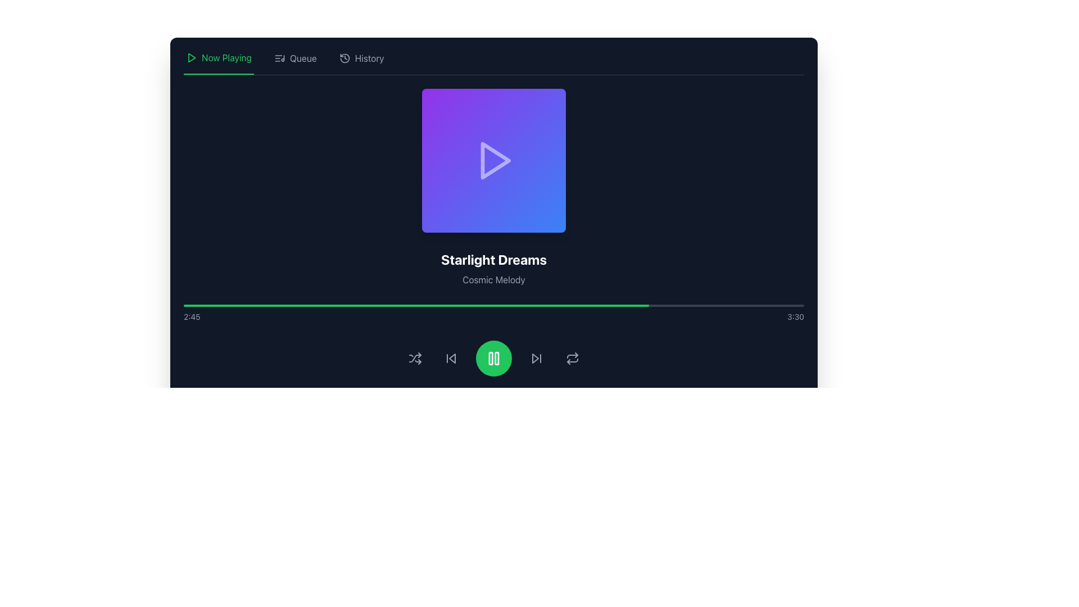 The width and height of the screenshot is (1079, 607). I want to click on the content of the Text Display showing '3:30', which is styled in gray on a dark background, positioned at the far right of the progress bar display area, so click(795, 316).